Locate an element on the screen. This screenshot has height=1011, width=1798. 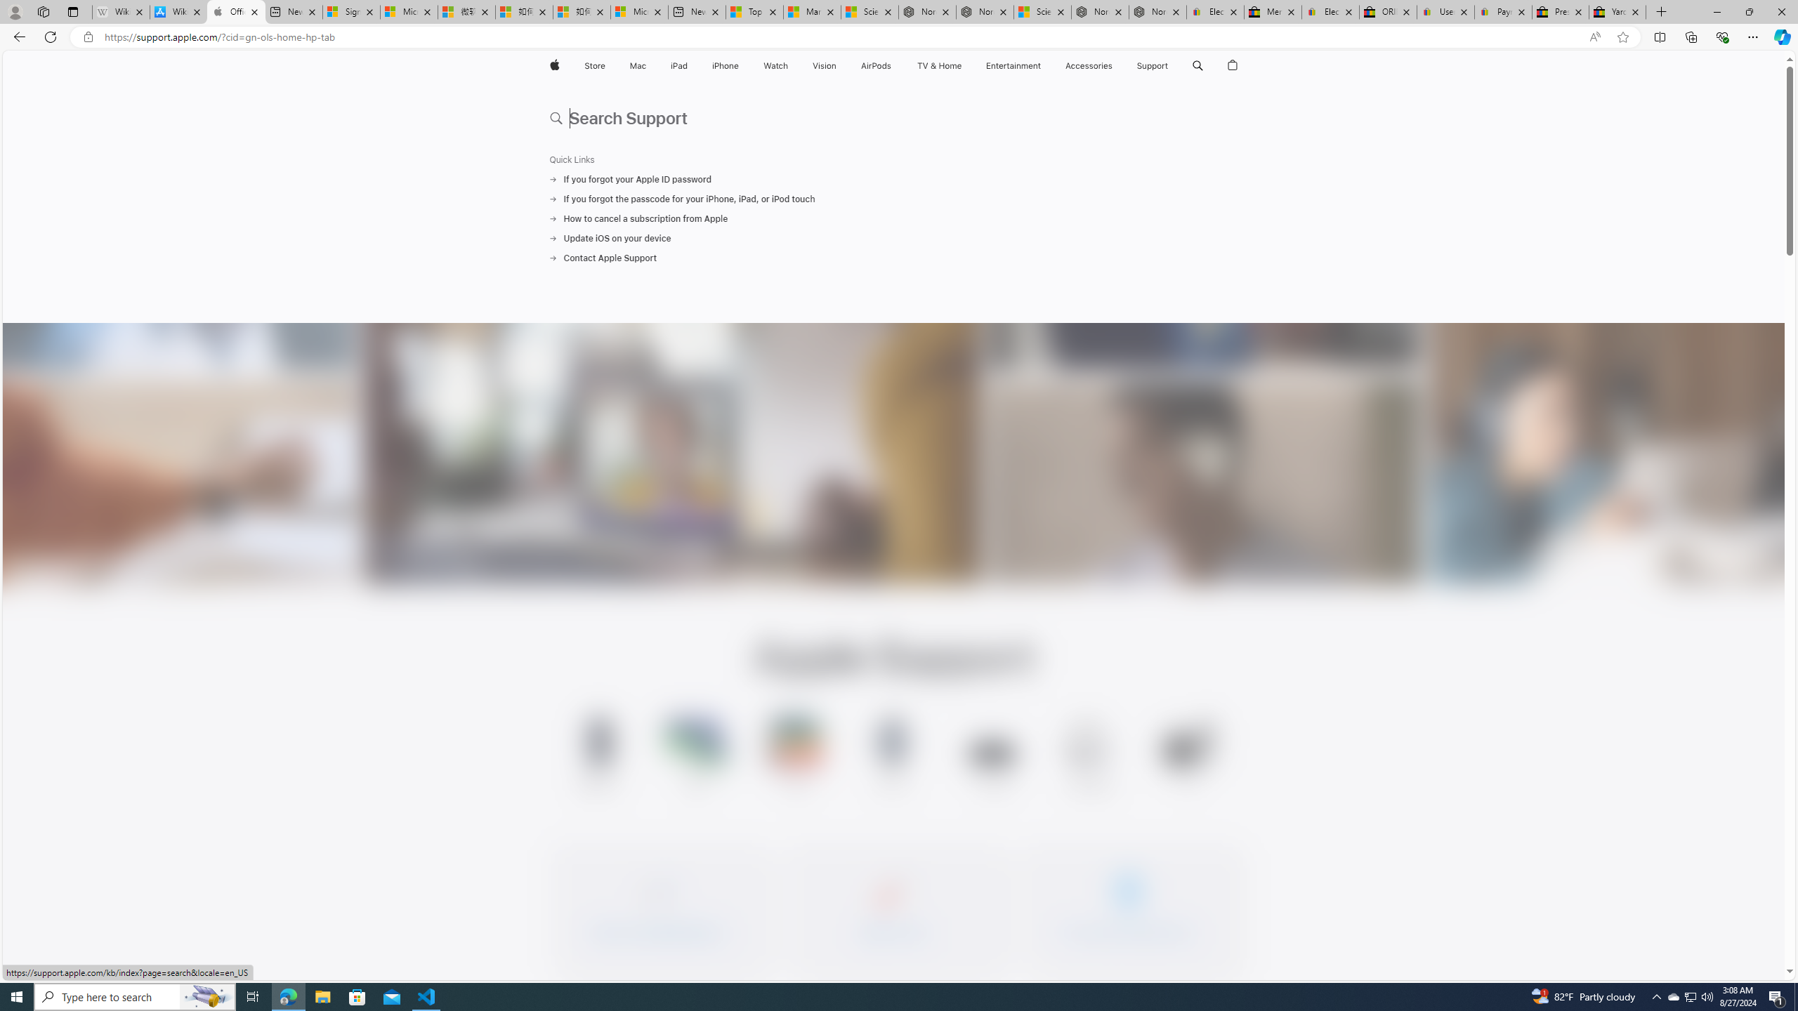
'Accessories menu' is located at coordinates (1115, 65).